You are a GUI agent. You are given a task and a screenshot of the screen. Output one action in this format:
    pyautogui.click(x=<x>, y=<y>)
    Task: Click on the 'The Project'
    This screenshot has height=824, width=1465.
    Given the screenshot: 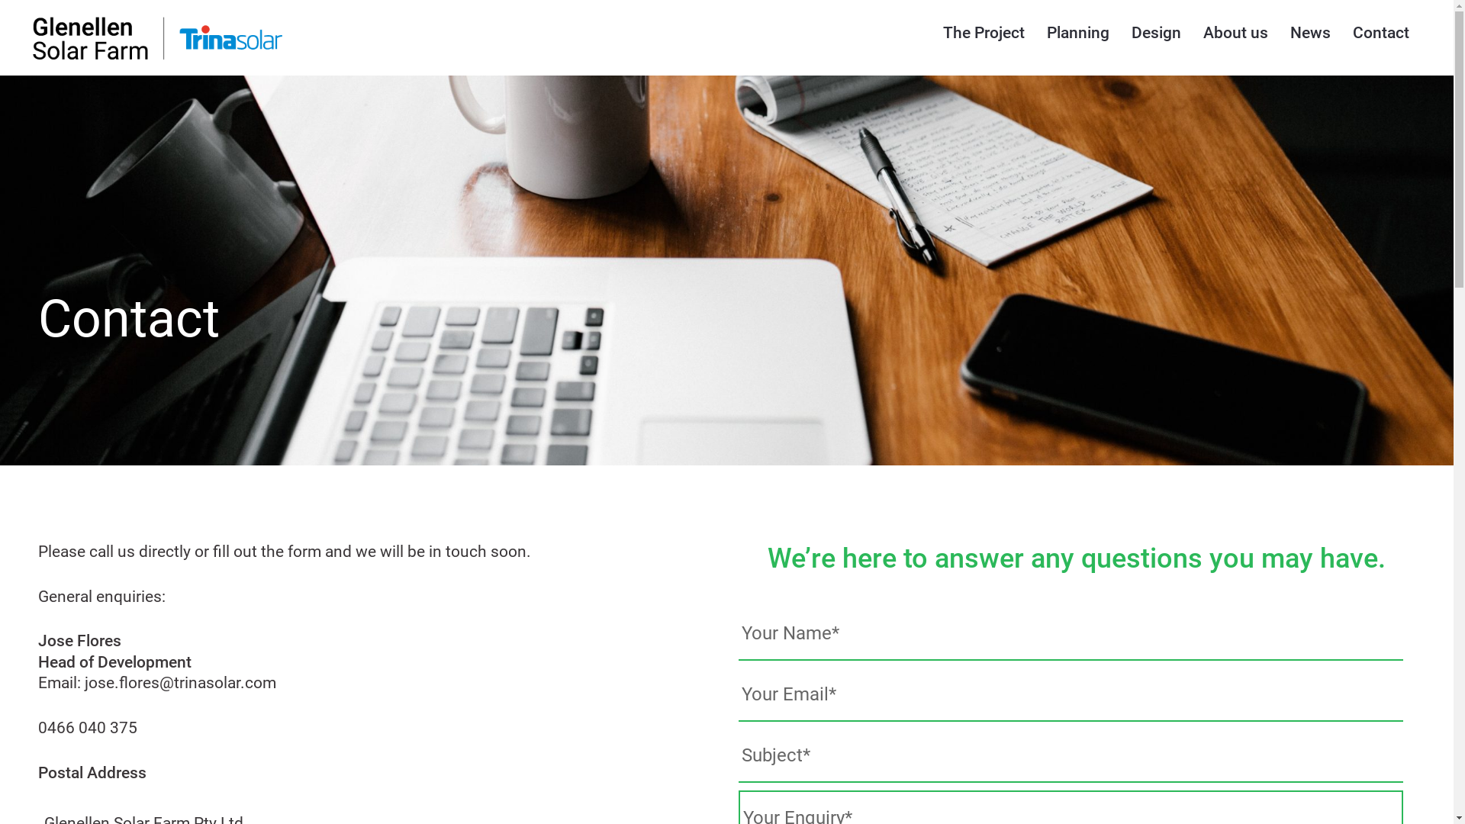 What is the action you would take?
    pyautogui.click(x=984, y=32)
    